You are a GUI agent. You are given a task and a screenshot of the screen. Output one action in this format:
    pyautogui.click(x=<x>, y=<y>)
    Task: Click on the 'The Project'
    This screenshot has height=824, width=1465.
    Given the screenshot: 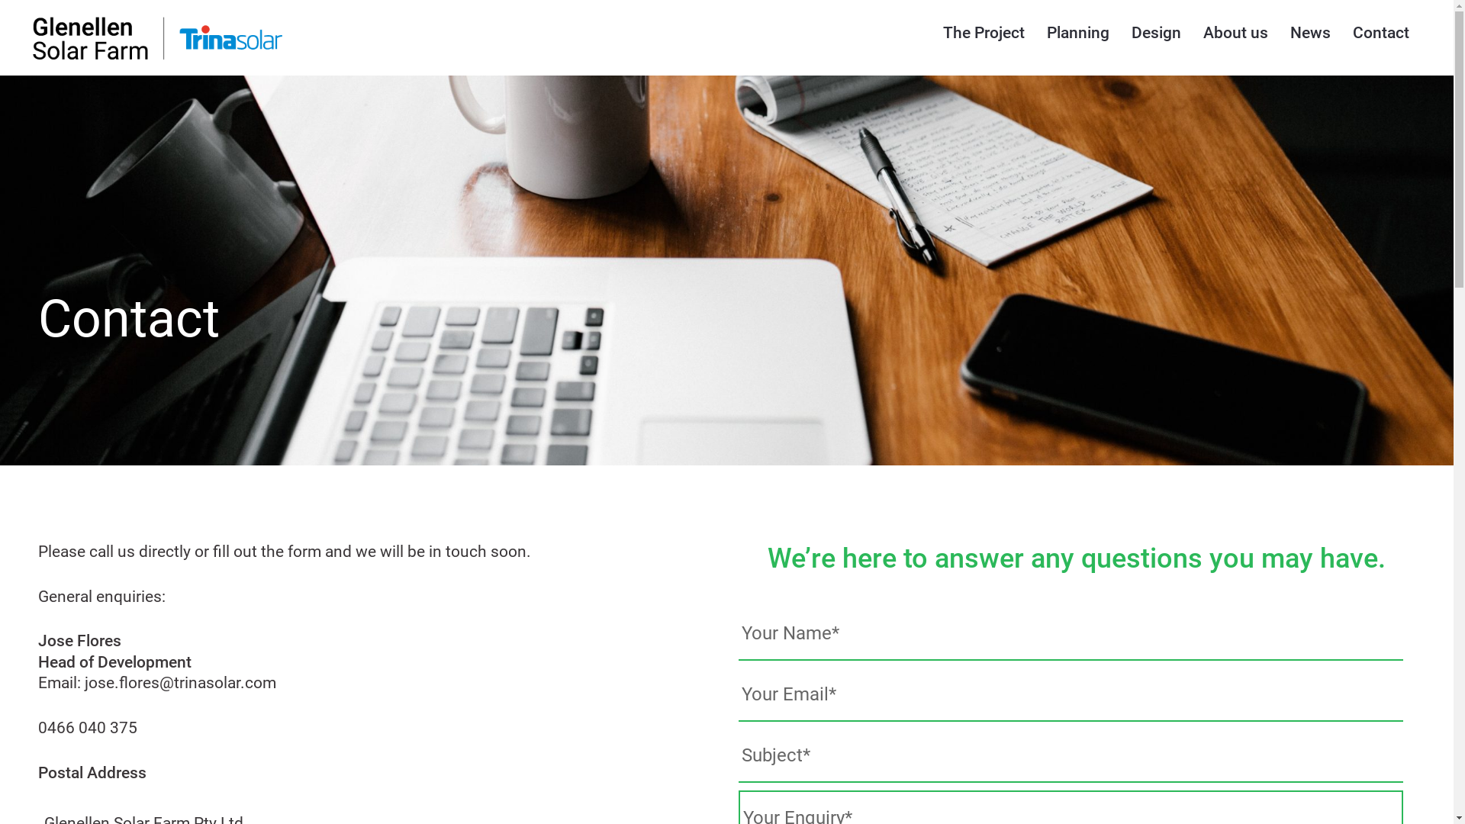 What is the action you would take?
    pyautogui.click(x=984, y=32)
    